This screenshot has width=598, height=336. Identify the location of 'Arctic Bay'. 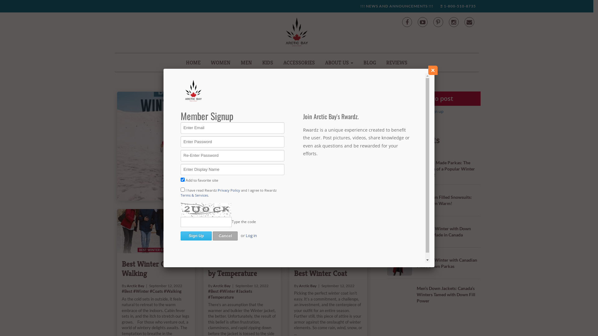
(221, 286).